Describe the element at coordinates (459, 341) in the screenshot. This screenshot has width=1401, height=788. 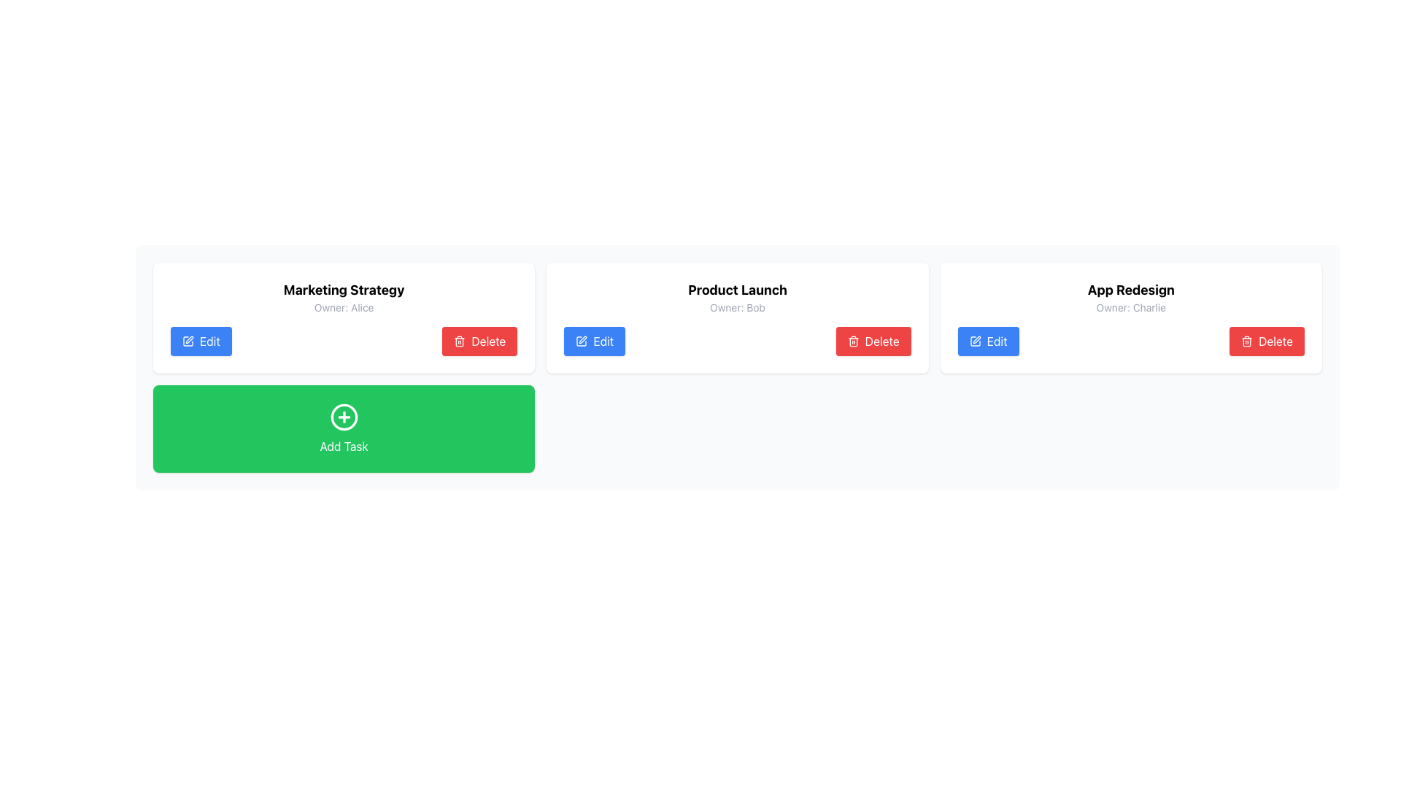
I see `the trash bin icon located to the left of the 'Delete' button text within the red-colored button on the first card labeled 'Marketing Strategy'` at that location.